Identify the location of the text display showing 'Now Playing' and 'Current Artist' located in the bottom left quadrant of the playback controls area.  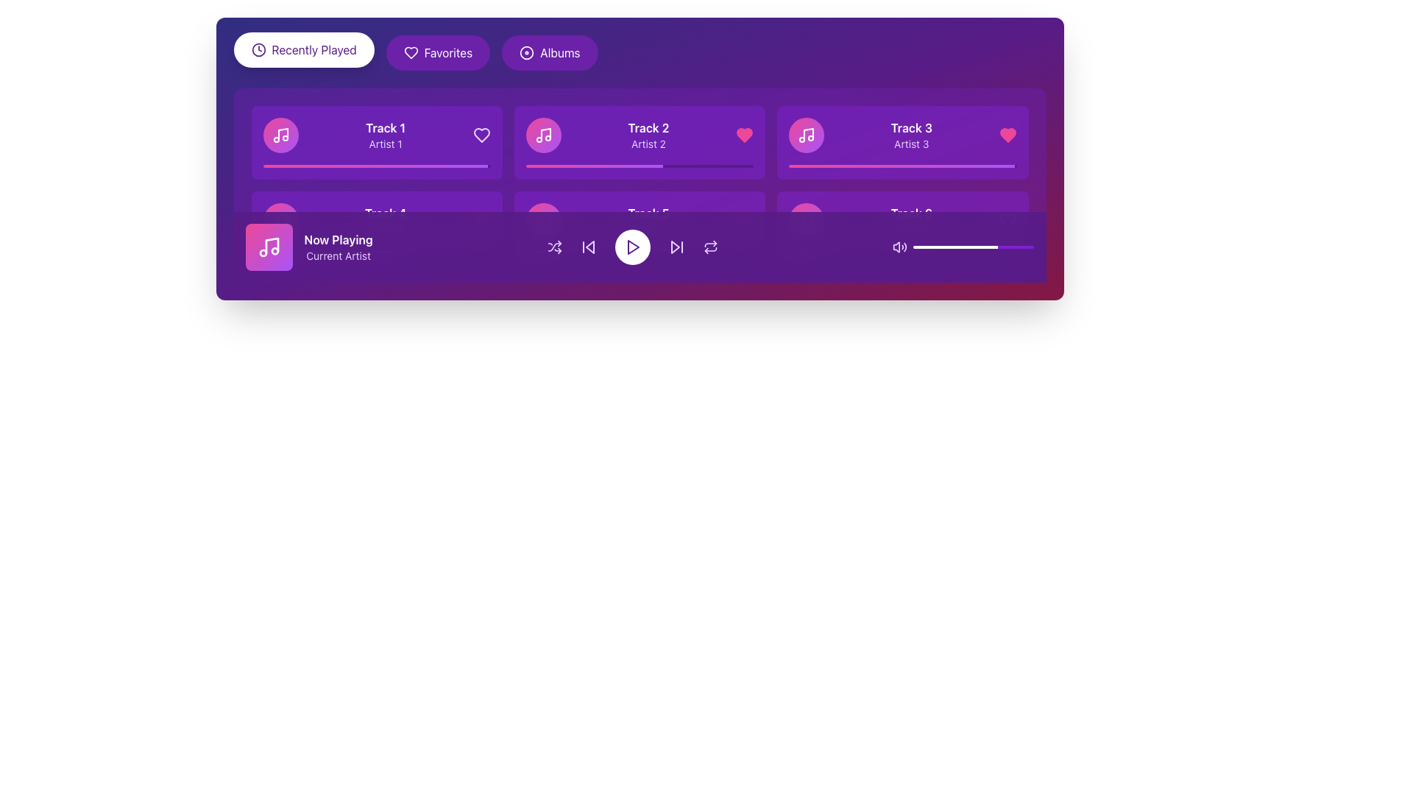
(338, 246).